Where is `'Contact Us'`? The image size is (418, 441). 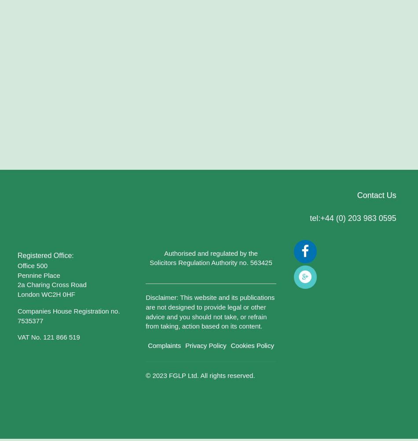
'Contact Us' is located at coordinates (376, 195).